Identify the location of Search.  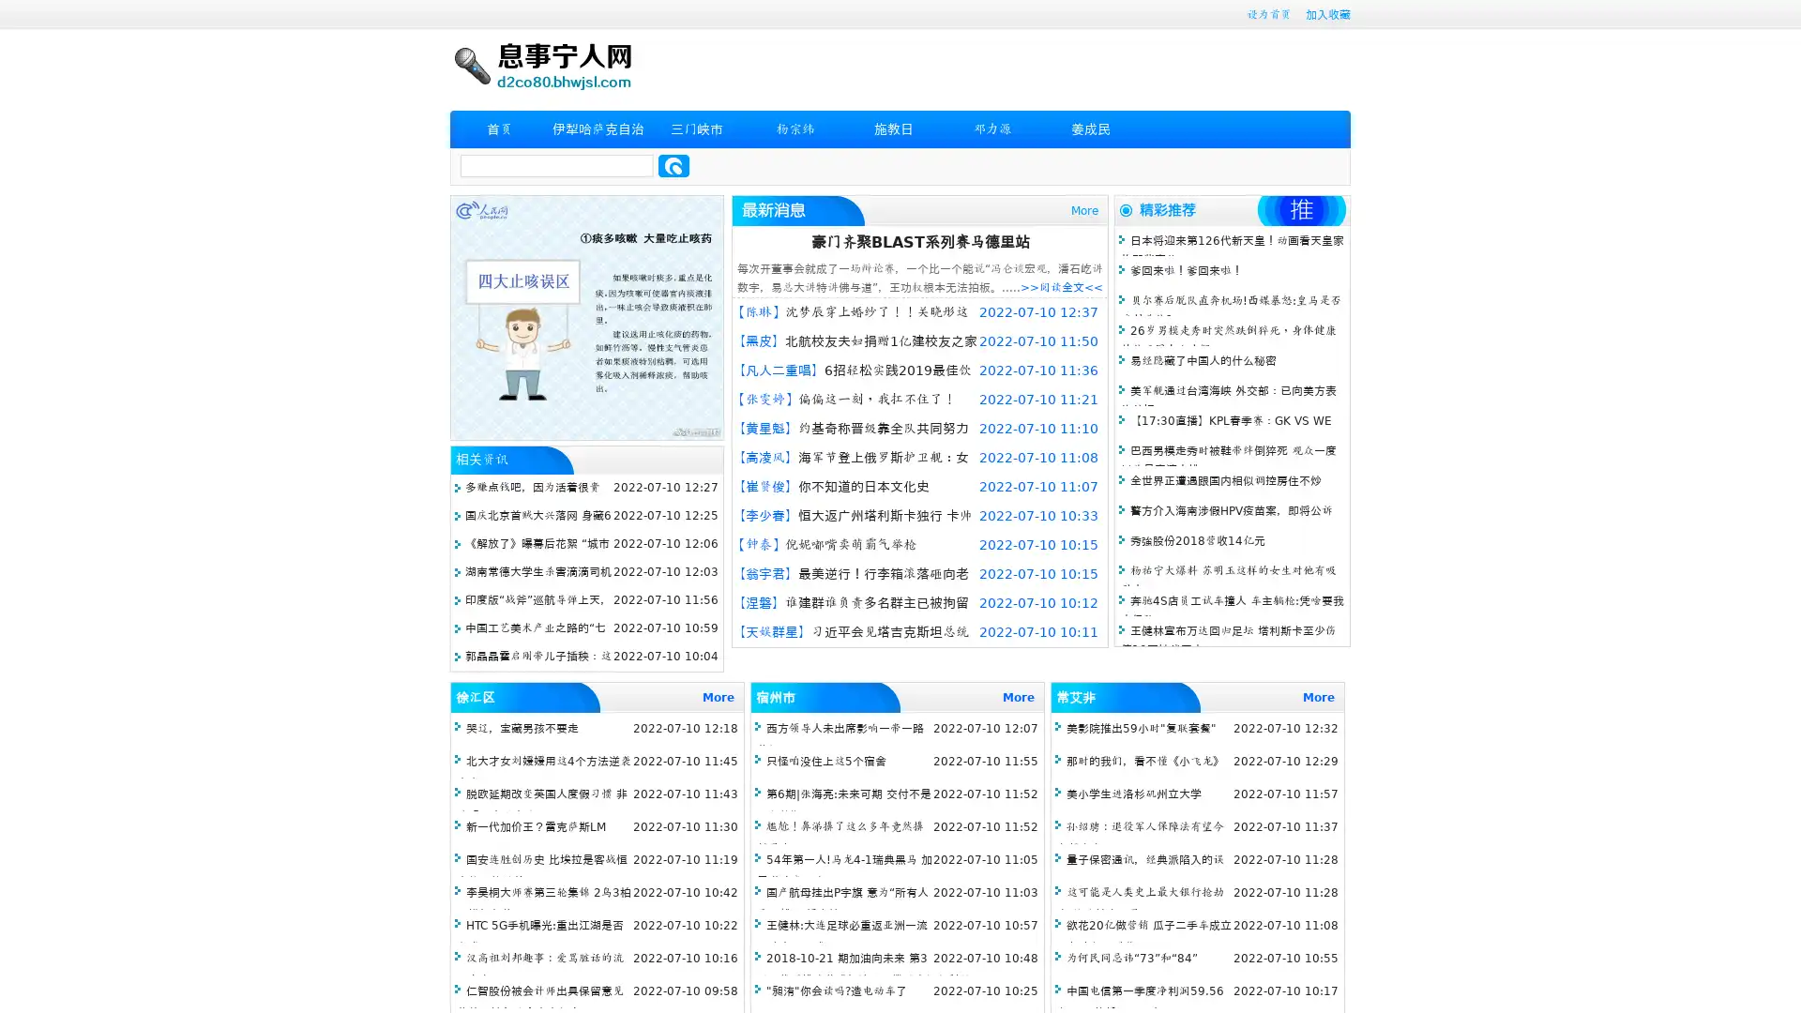
(673, 165).